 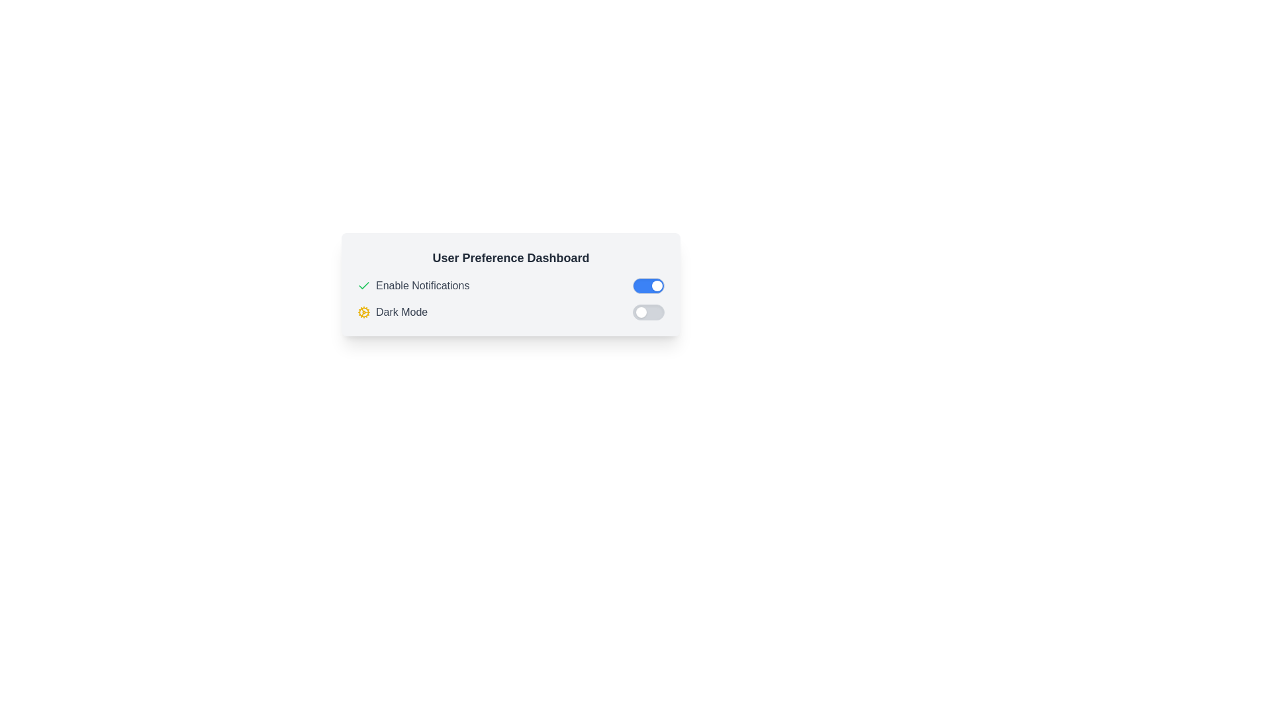 I want to click on the thumb of the second Toggle Switch for 'Dark Mode', so click(x=648, y=312).